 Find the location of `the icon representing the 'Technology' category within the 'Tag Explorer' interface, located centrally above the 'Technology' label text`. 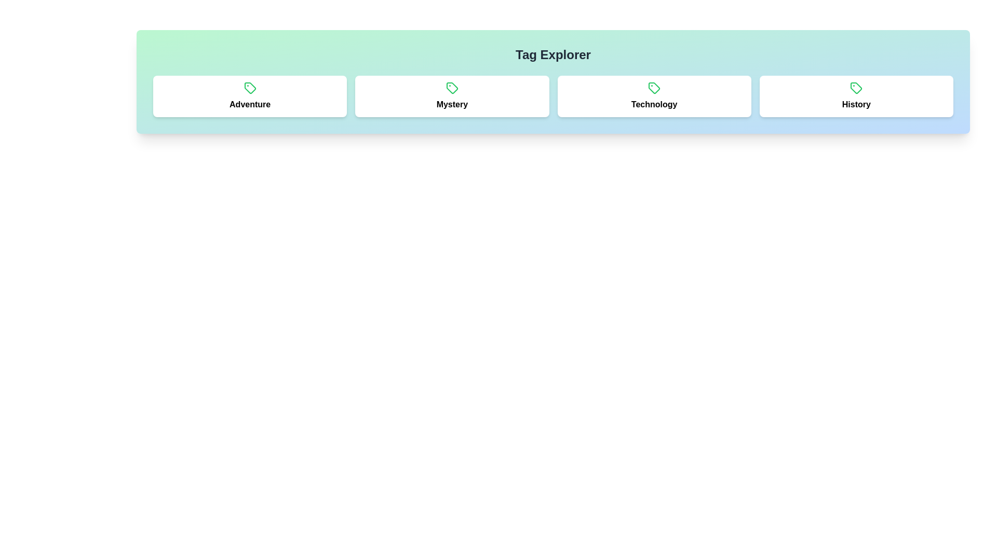

the icon representing the 'Technology' category within the 'Tag Explorer' interface, located centrally above the 'Technology' label text is located at coordinates (856, 87).